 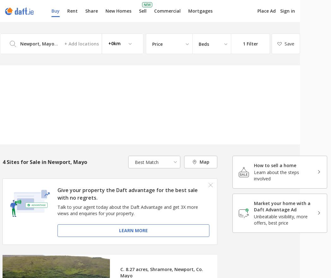 What do you see at coordinates (127, 210) in the screenshot?
I see `'Talk to your agent today about the Daft Advantage and get 3X more views and enquiries for your property.'` at bounding box center [127, 210].